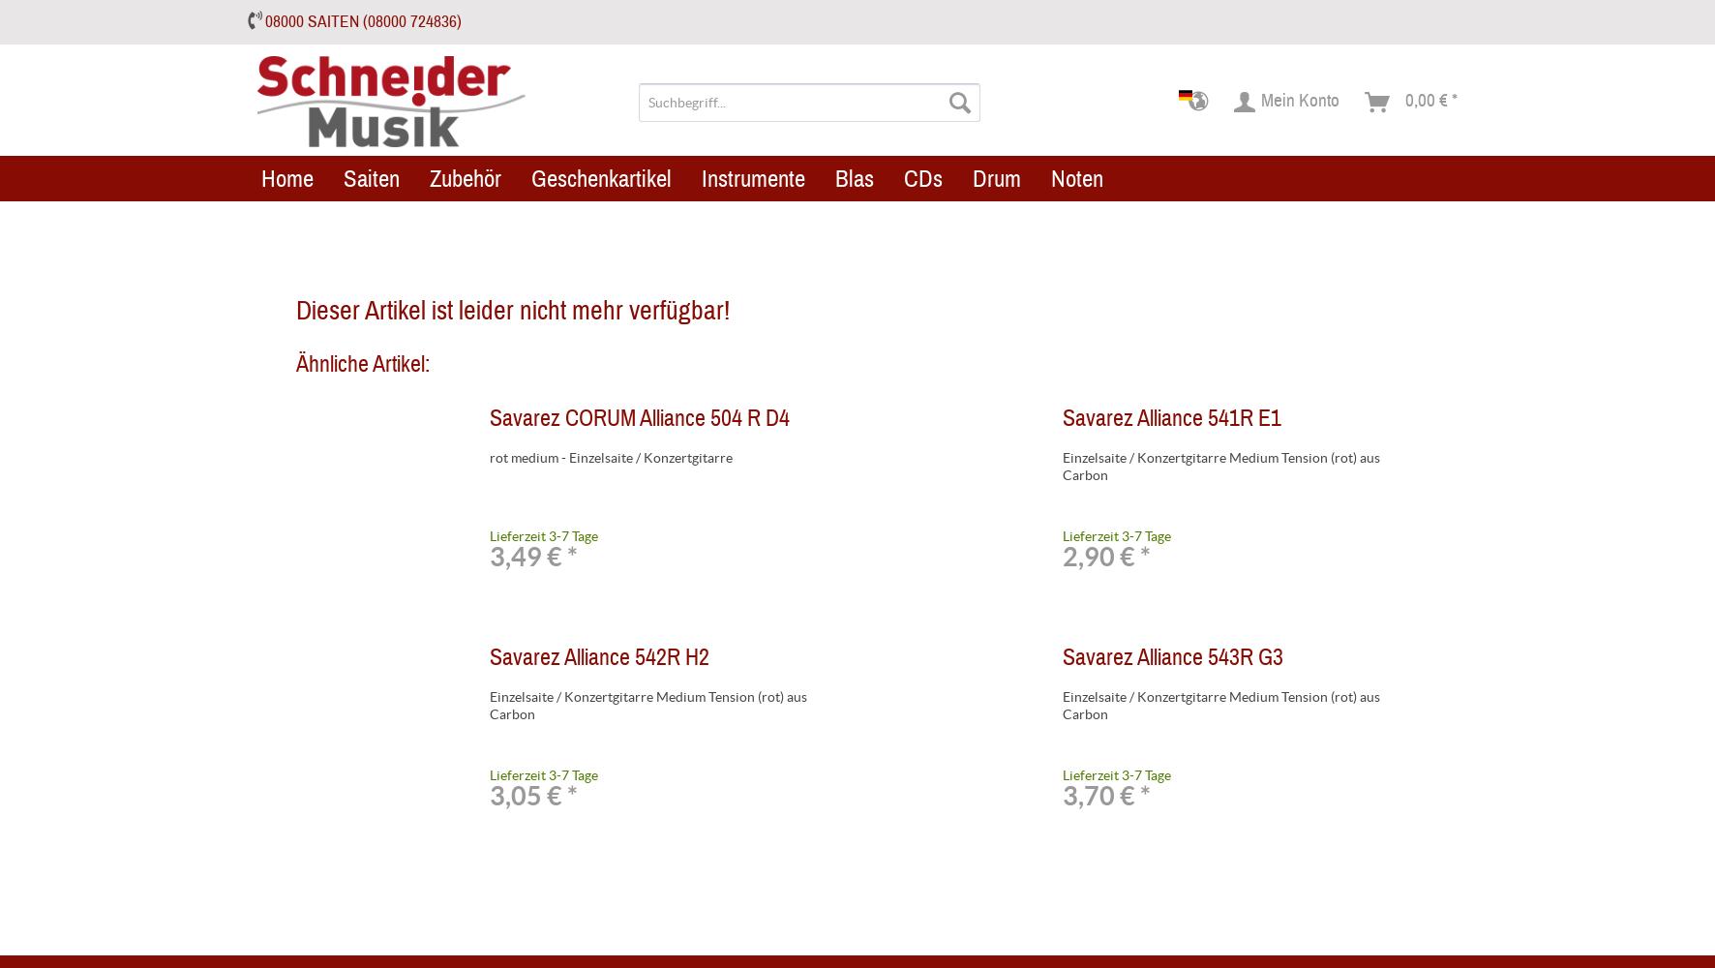 Image resolution: width=1715 pixels, height=968 pixels. I want to click on 'Produkte', so click(809, 180).